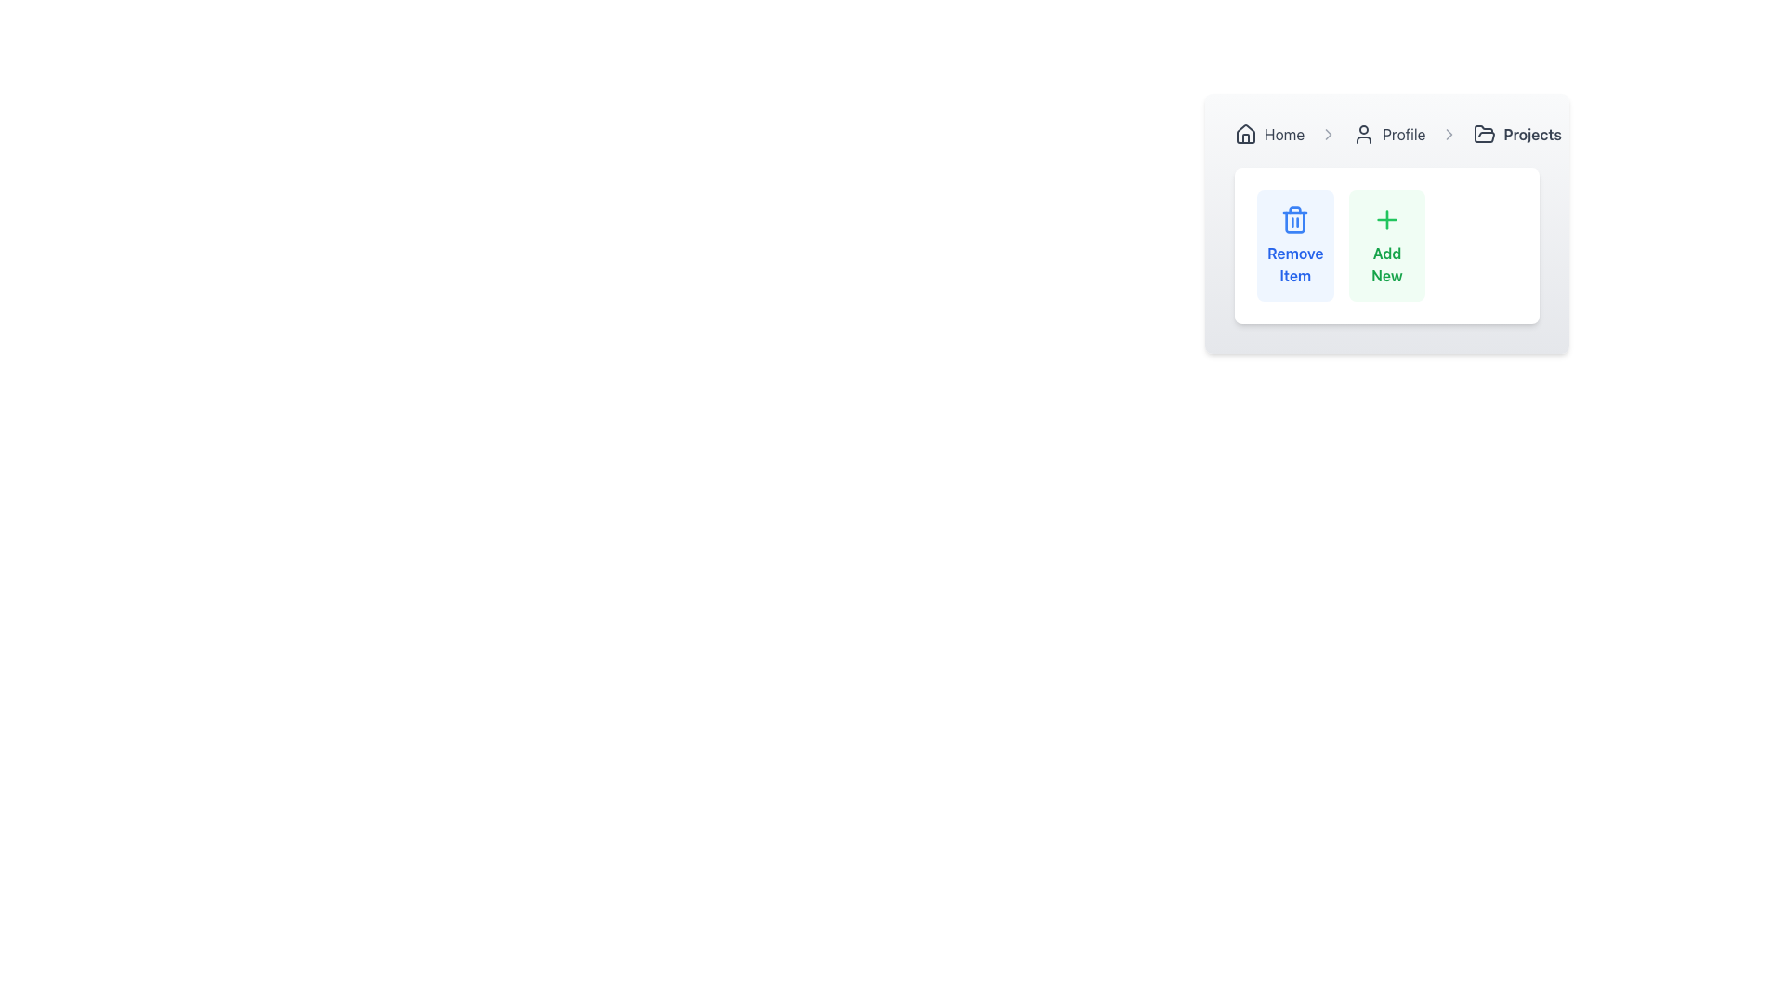 The height and width of the screenshot is (1003, 1784). What do you see at coordinates (1386, 218) in the screenshot?
I see `the Icon within the 'Add New' button, which is the second button in a horizontally-aligned pair of buttons under the breadcrumb navigation, located to the right of the 'Remove Item' button` at bounding box center [1386, 218].